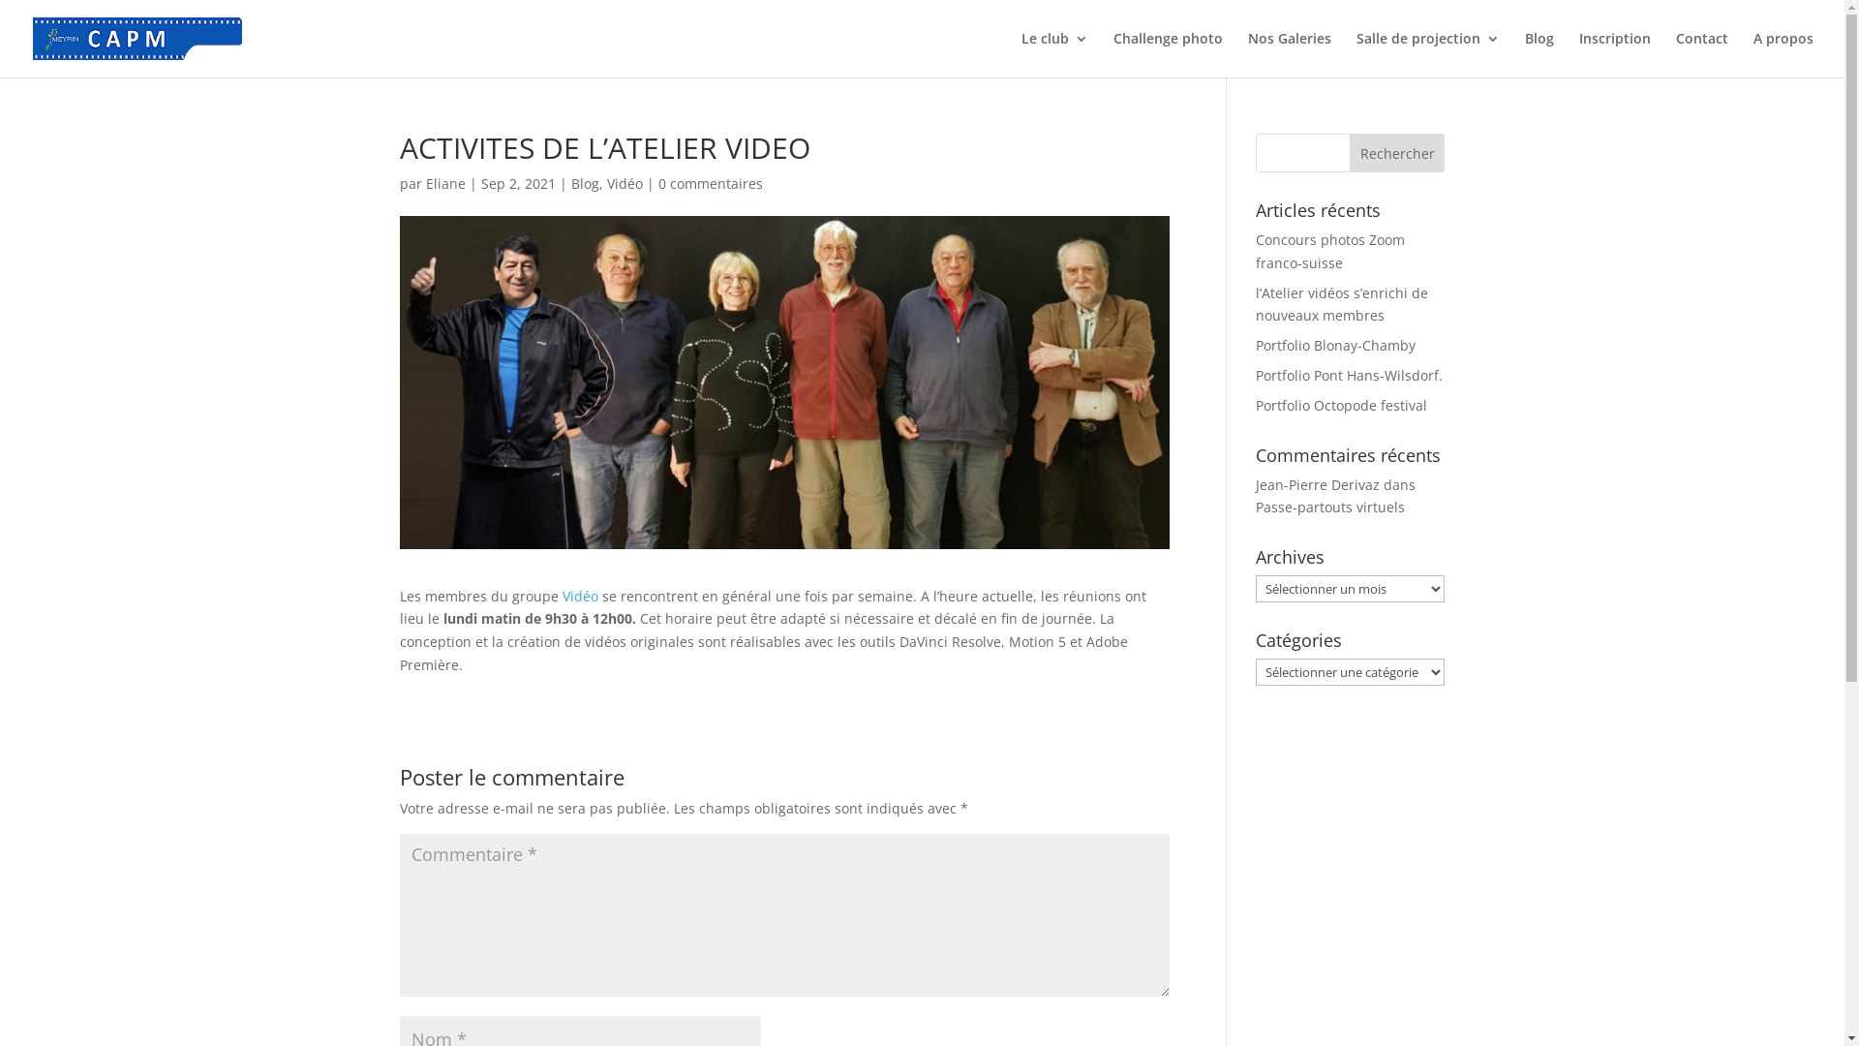  I want to click on 'Salle de projection', so click(1356, 53).